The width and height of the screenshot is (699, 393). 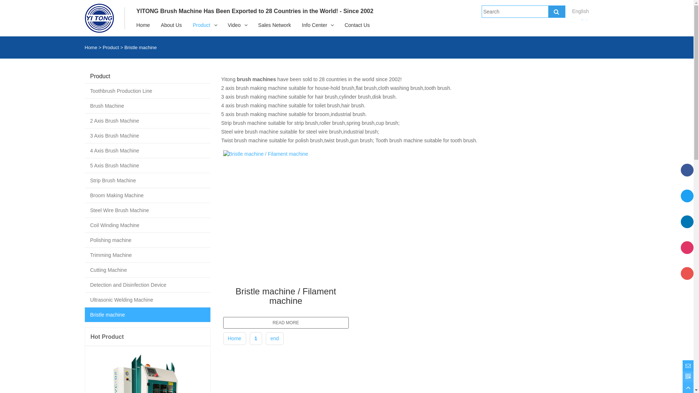 I want to click on '5 Axis Brush Machine', so click(x=147, y=166).